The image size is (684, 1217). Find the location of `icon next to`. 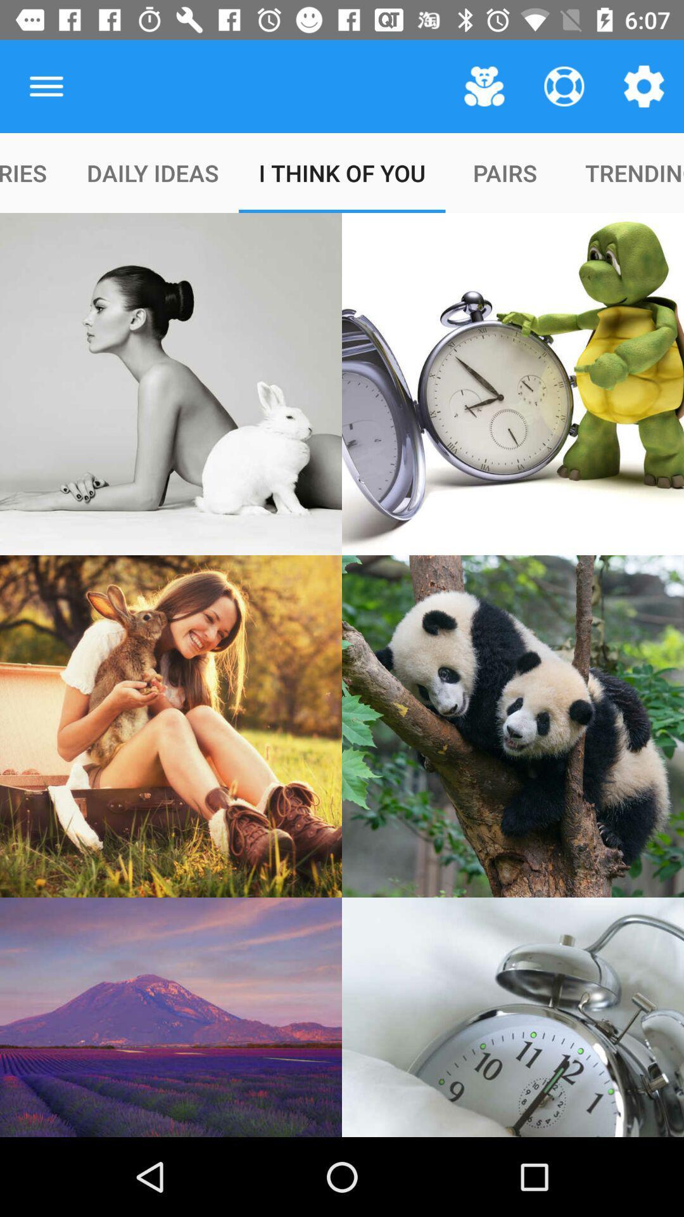

icon next to is located at coordinates (484, 86).